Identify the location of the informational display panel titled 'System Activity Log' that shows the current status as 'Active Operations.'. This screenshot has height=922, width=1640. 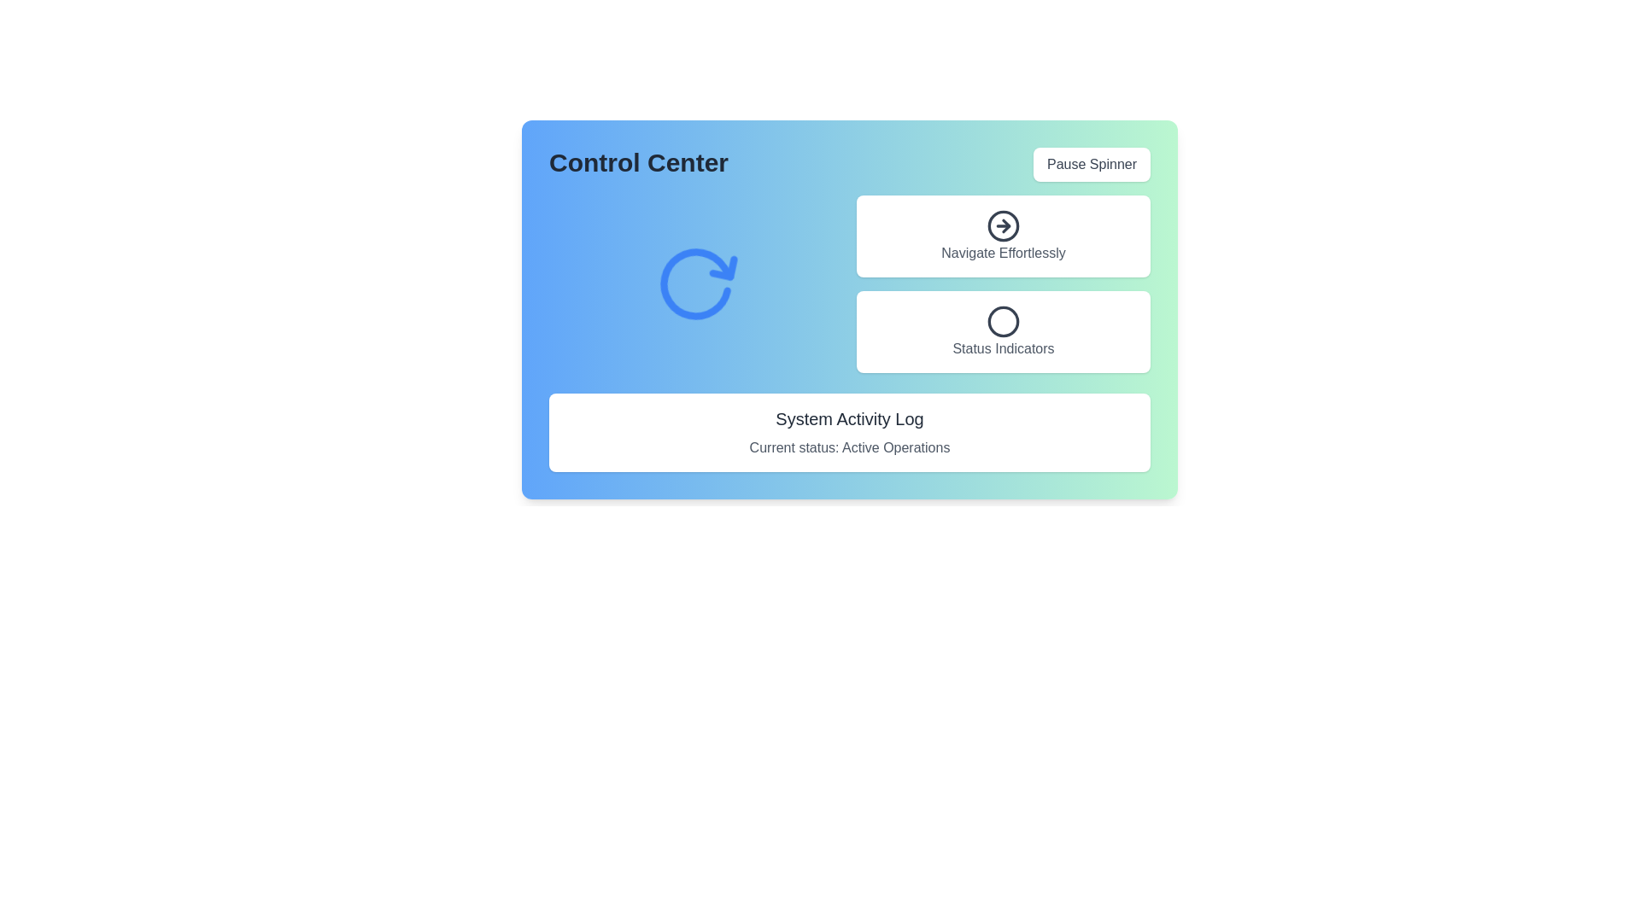
(849, 431).